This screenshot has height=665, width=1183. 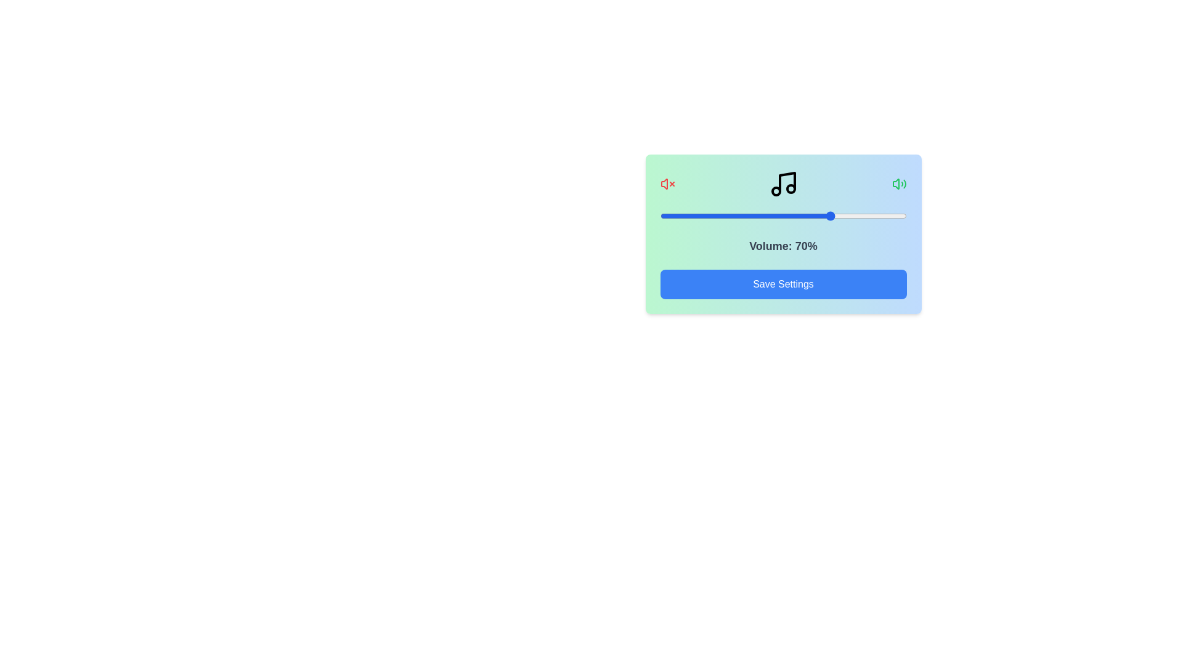 What do you see at coordinates (835, 216) in the screenshot?
I see `the volume slider to set the volume to 71%` at bounding box center [835, 216].